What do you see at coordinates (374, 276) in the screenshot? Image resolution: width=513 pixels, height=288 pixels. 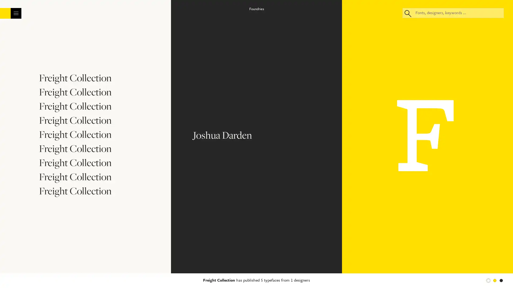 I see `Cookies Settings` at bounding box center [374, 276].